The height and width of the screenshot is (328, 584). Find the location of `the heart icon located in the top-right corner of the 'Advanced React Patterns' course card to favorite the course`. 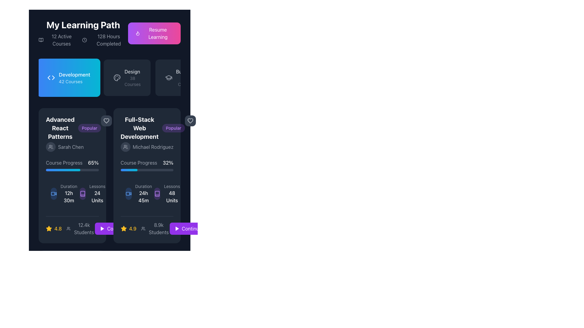

the heart icon located in the top-right corner of the 'Advanced React Patterns' course card to favorite the course is located at coordinates (106, 121).